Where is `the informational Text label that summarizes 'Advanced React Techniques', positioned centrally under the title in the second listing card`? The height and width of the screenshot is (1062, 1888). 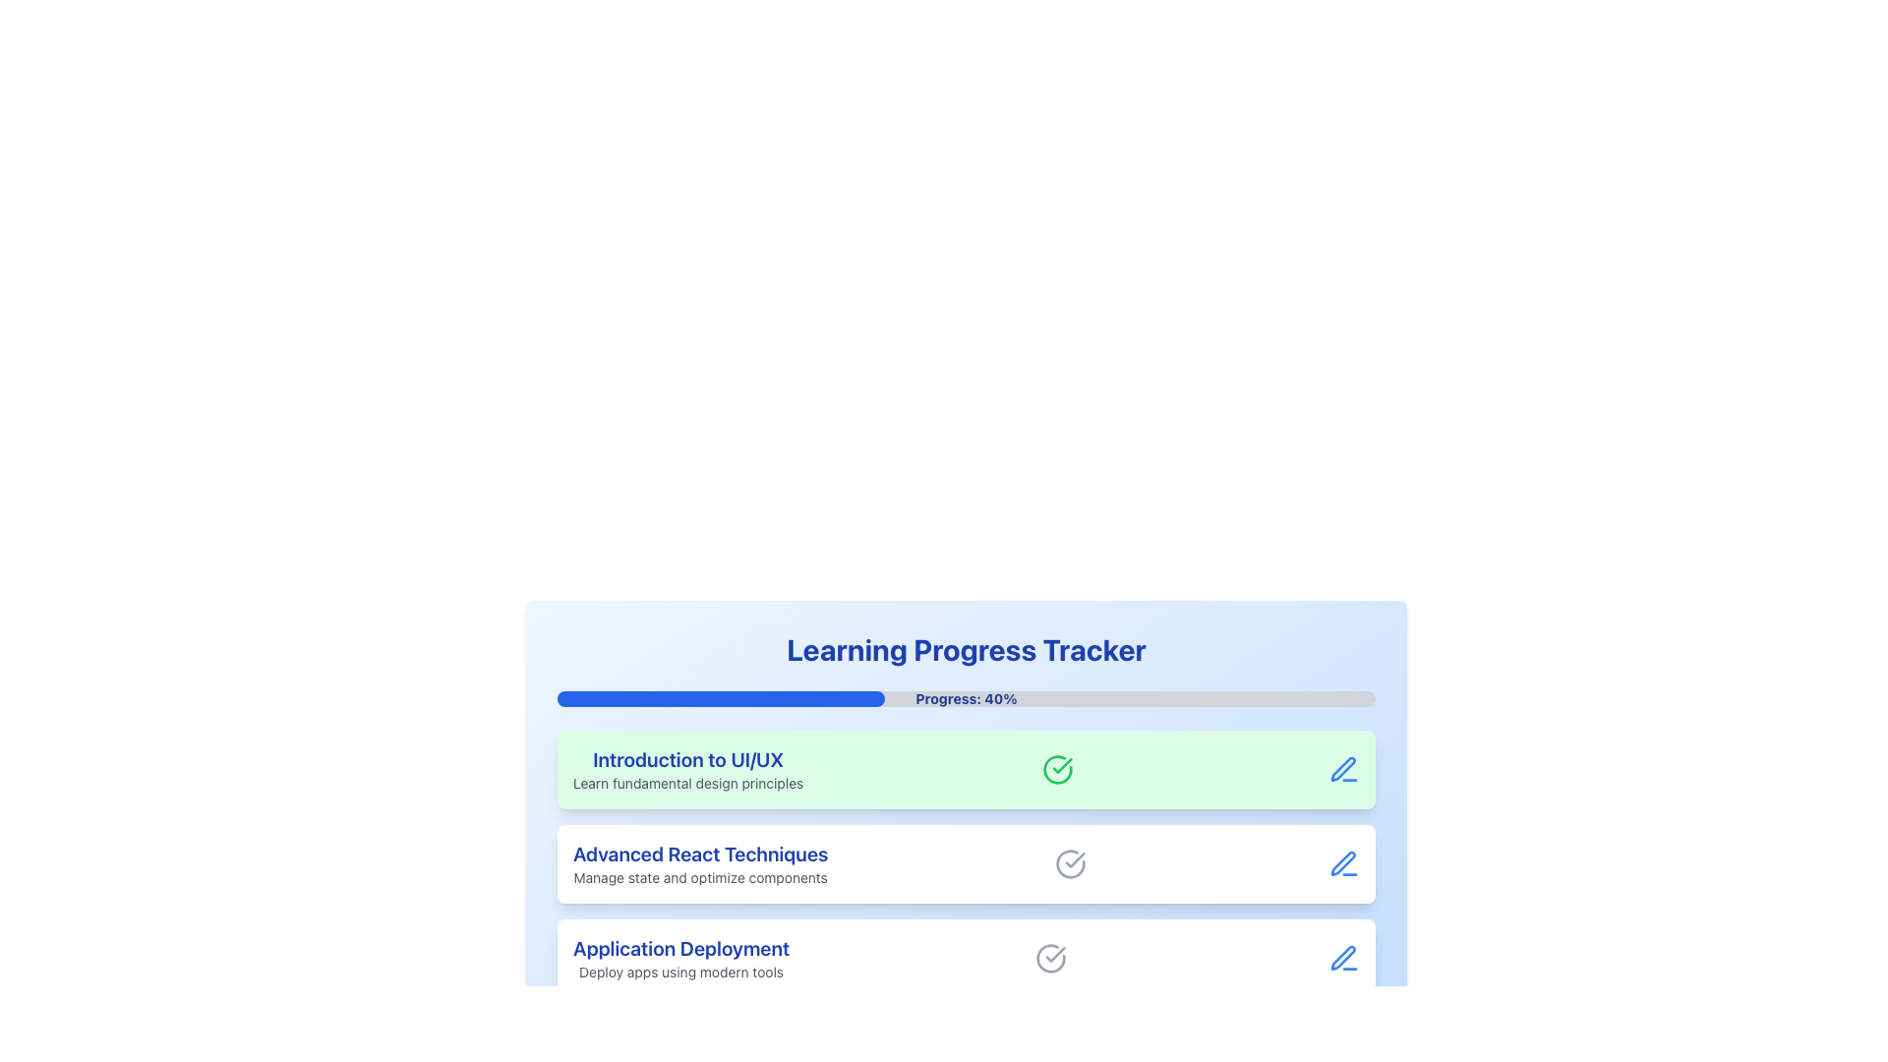 the informational Text label that summarizes 'Advanced React Techniques', positioned centrally under the title in the second listing card is located at coordinates (700, 877).